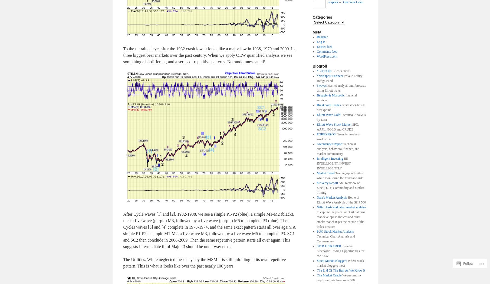 This screenshot has width=490, height=284. Describe the element at coordinates (341, 199) in the screenshot. I see `'Home of Elliott Wave Analysis of the S&P 500'` at that location.